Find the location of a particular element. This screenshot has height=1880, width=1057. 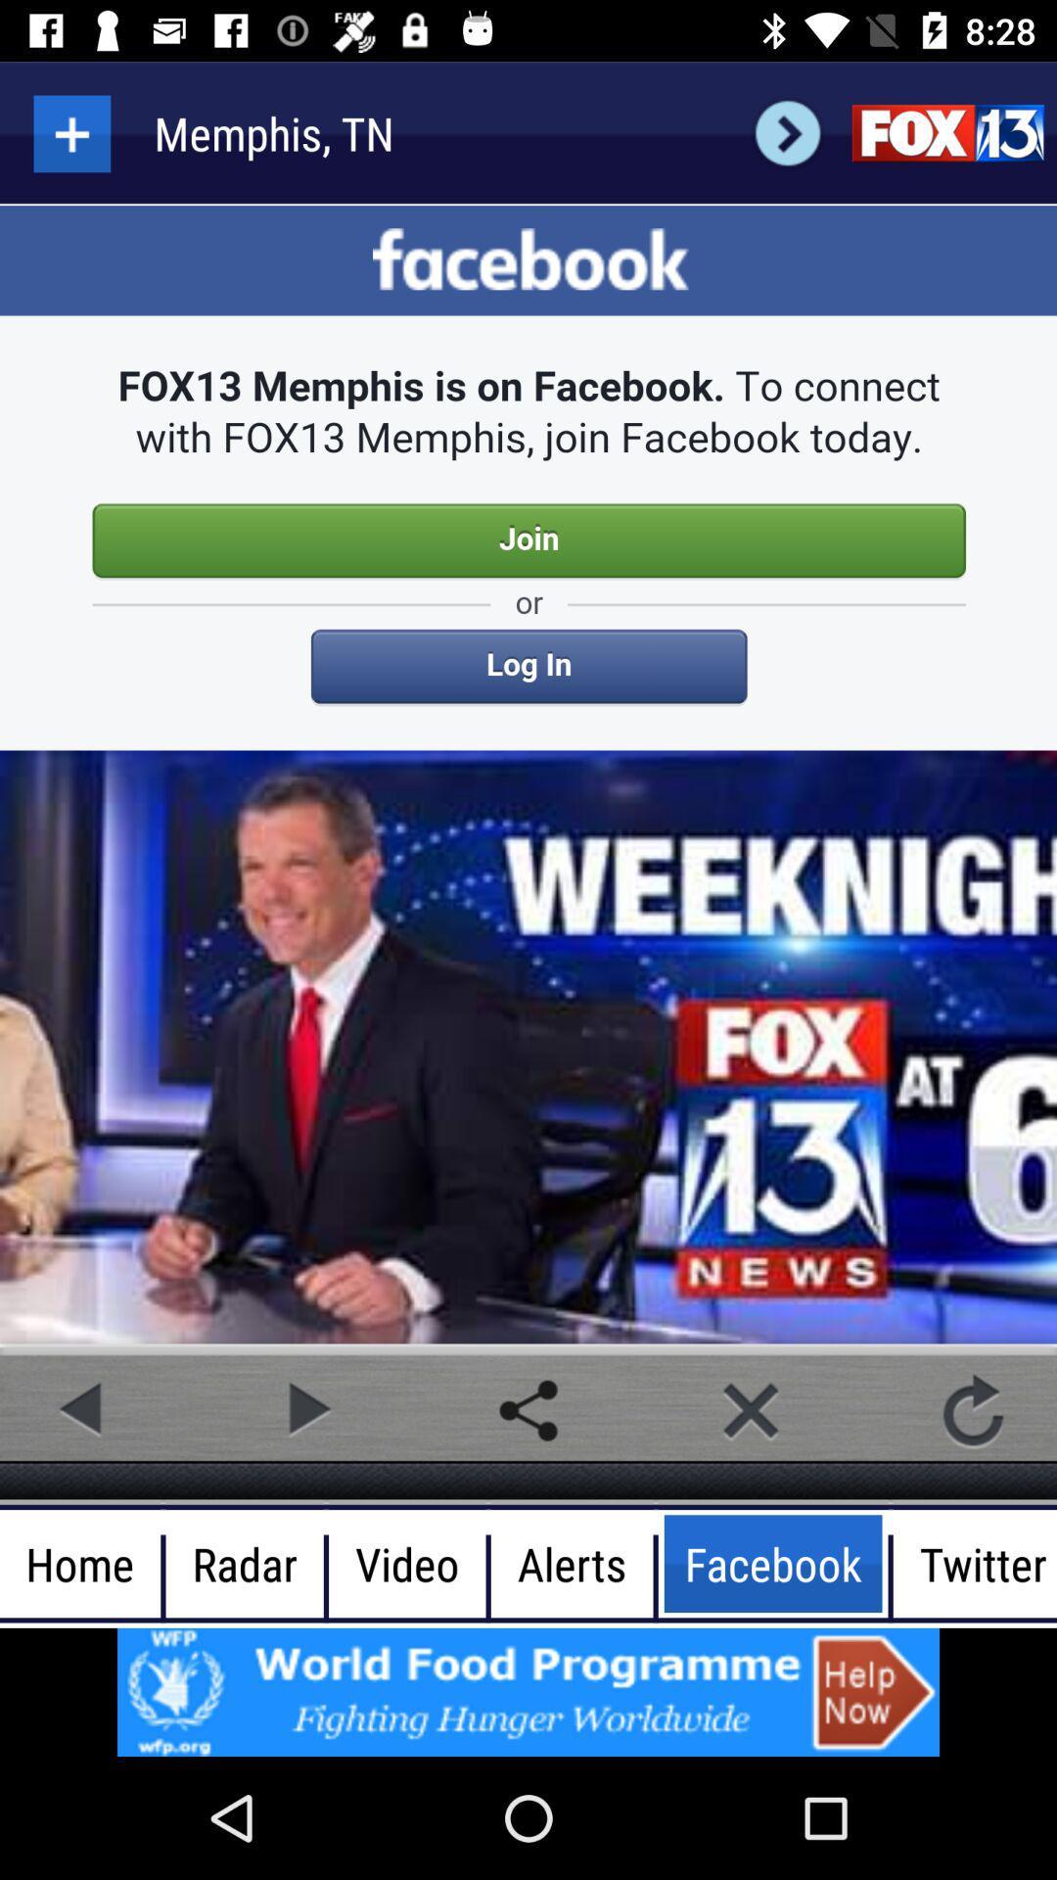

undo option is located at coordinates (973, 1410).